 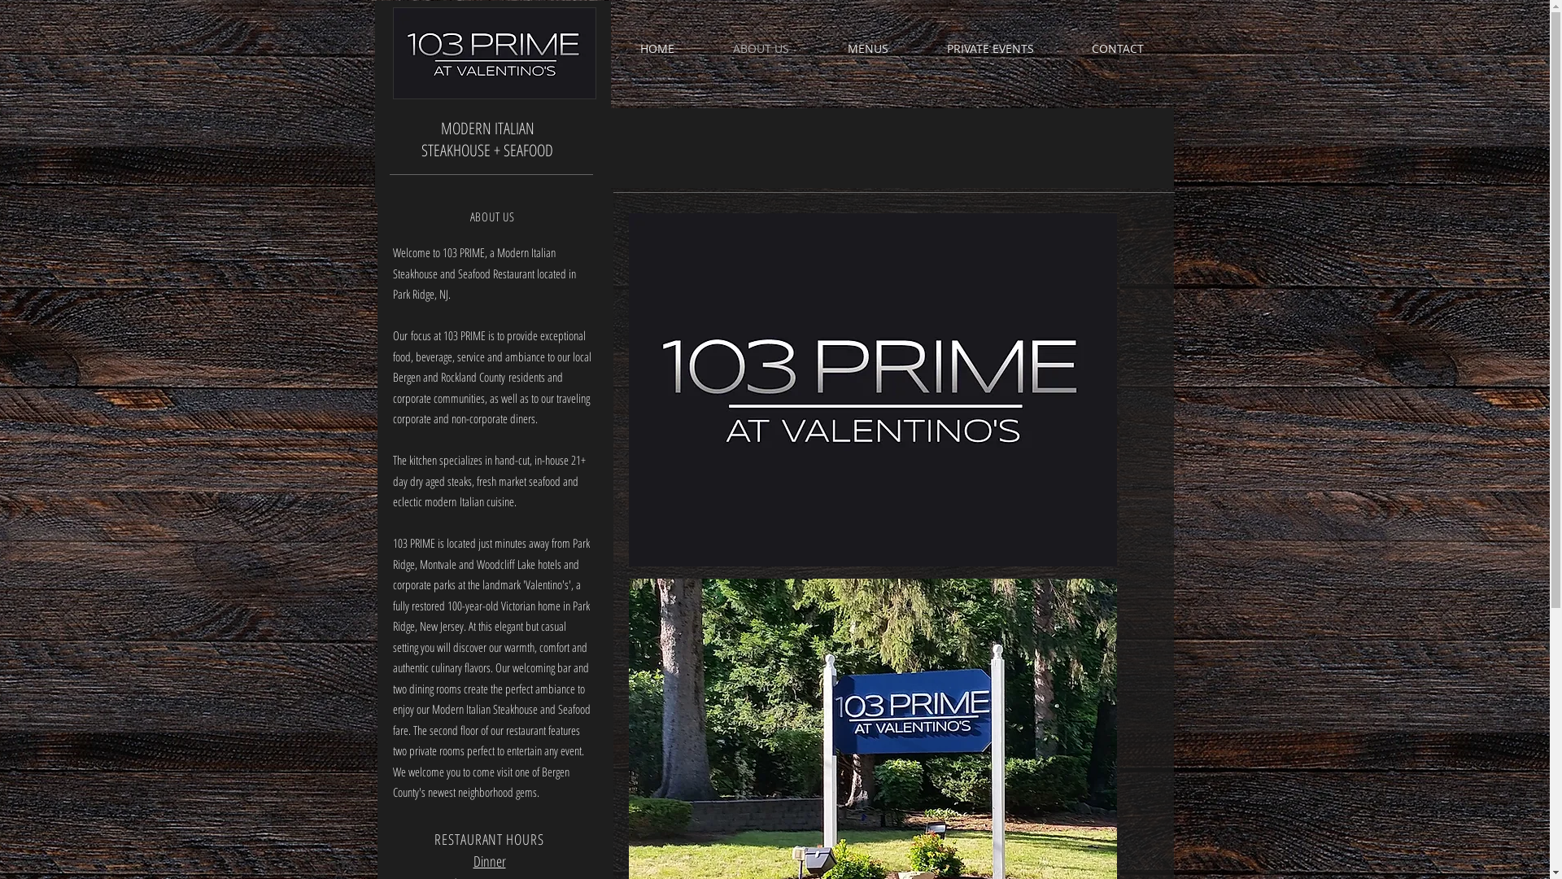 I want to click on 'CONTACT', so click(x=1116, y=48).